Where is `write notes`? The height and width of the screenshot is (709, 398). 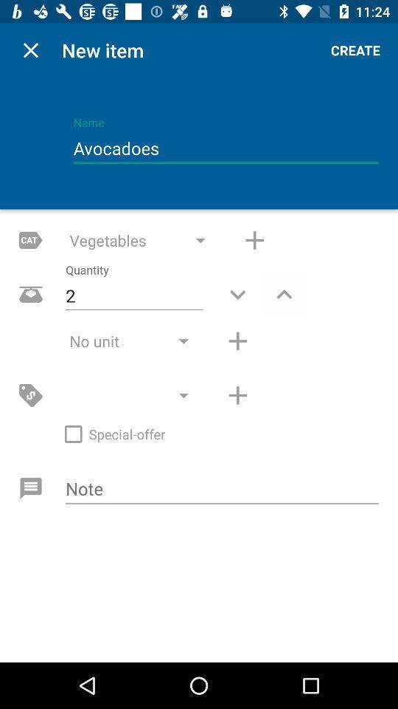
write notes is located at coordinates (221, 490).